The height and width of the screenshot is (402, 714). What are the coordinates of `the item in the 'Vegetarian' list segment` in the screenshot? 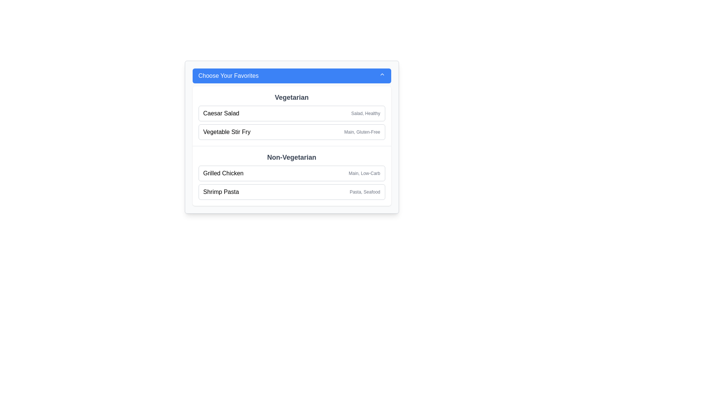 It's located at (291, 122).